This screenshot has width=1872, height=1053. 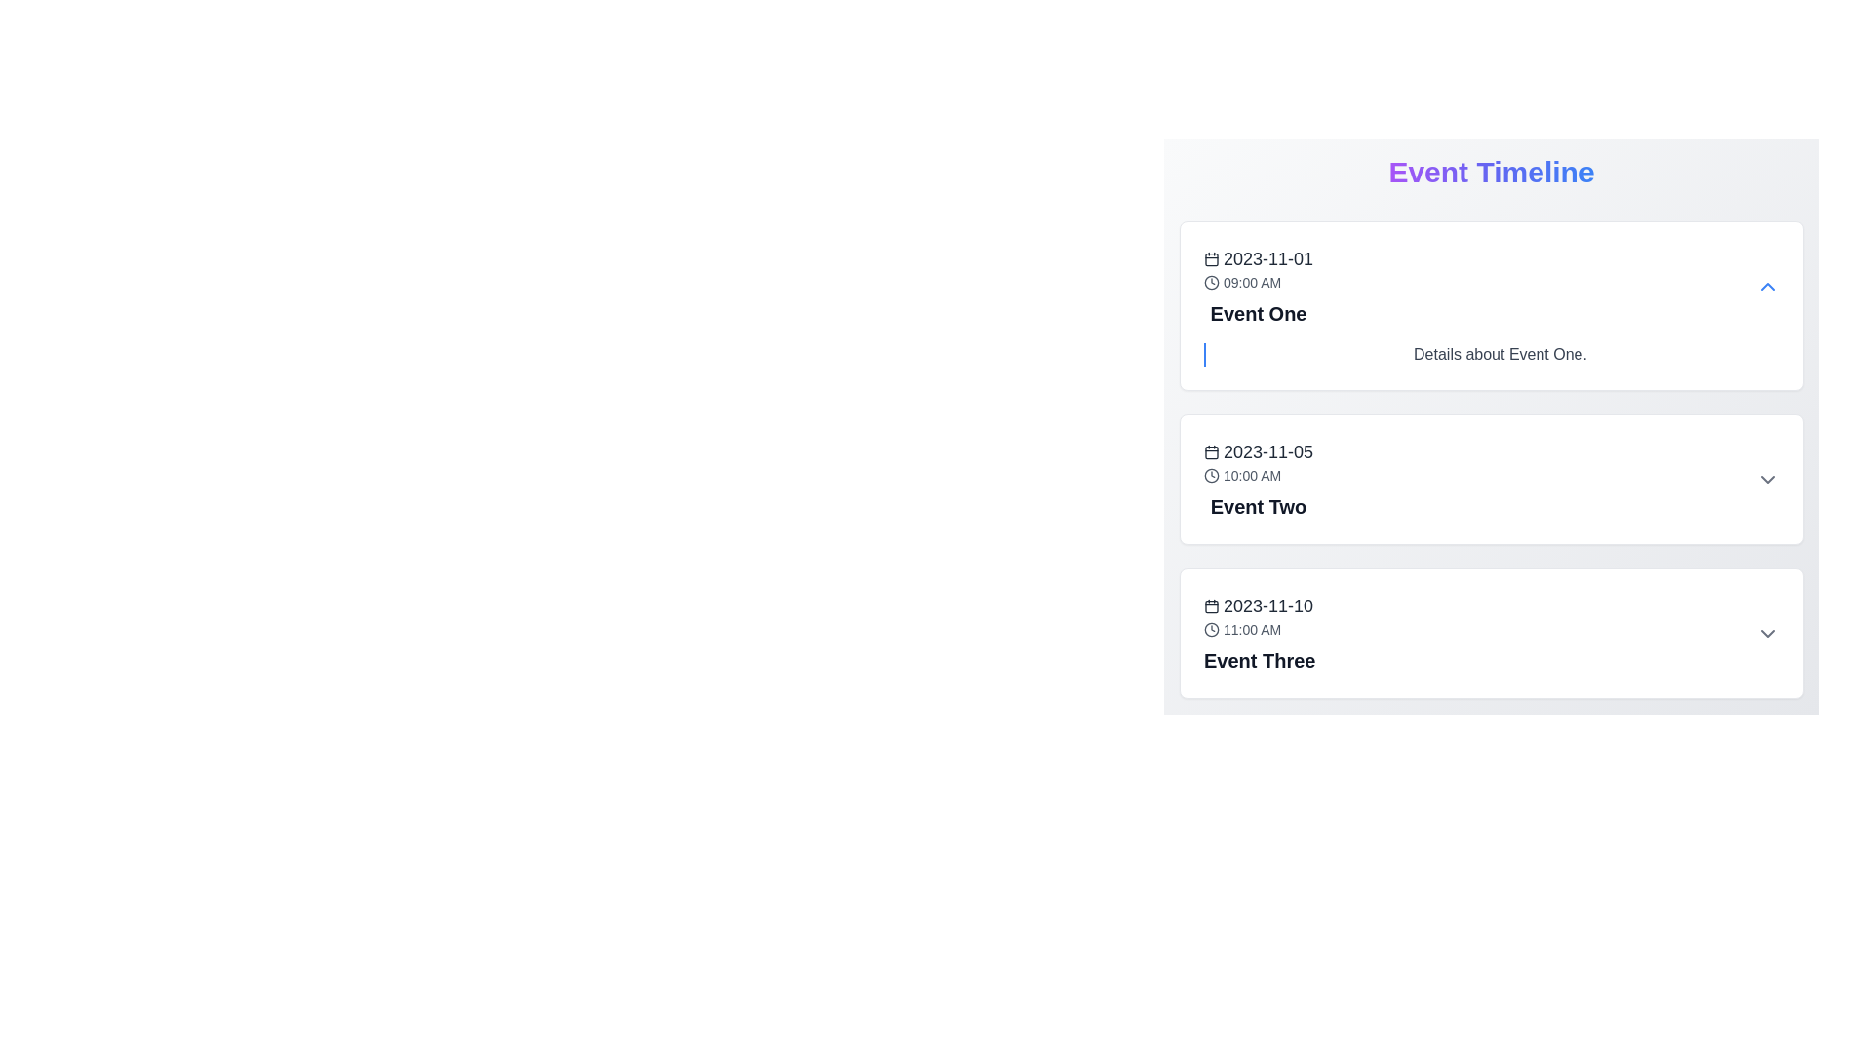 What do you see at coordinates (1491, 305) in the screenshot?
I see `the first event card in the vertical list of event cards, which displays details like date, time, title, and description, located near the top of the event timeline section` at bounding box center [1491, 305].